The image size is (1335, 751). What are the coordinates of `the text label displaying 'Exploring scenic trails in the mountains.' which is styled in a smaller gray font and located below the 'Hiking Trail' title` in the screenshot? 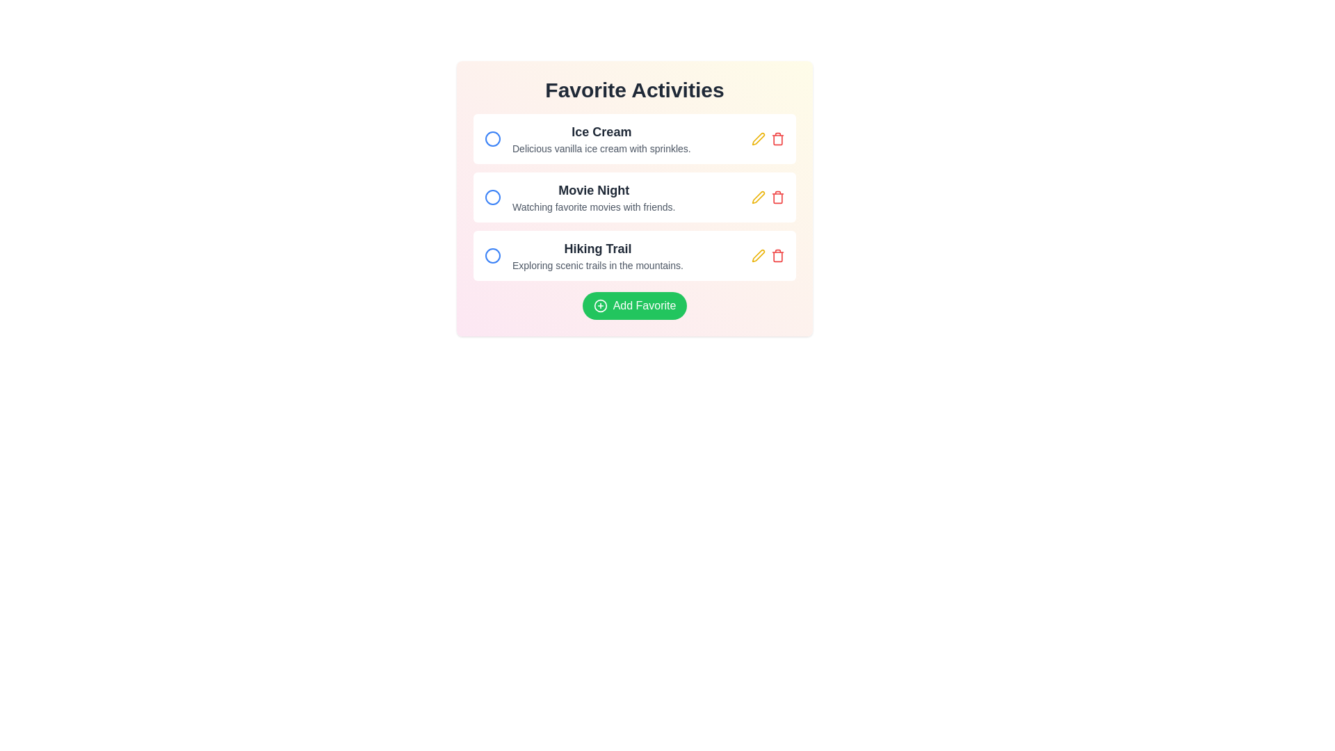 It's located at (597, 265).